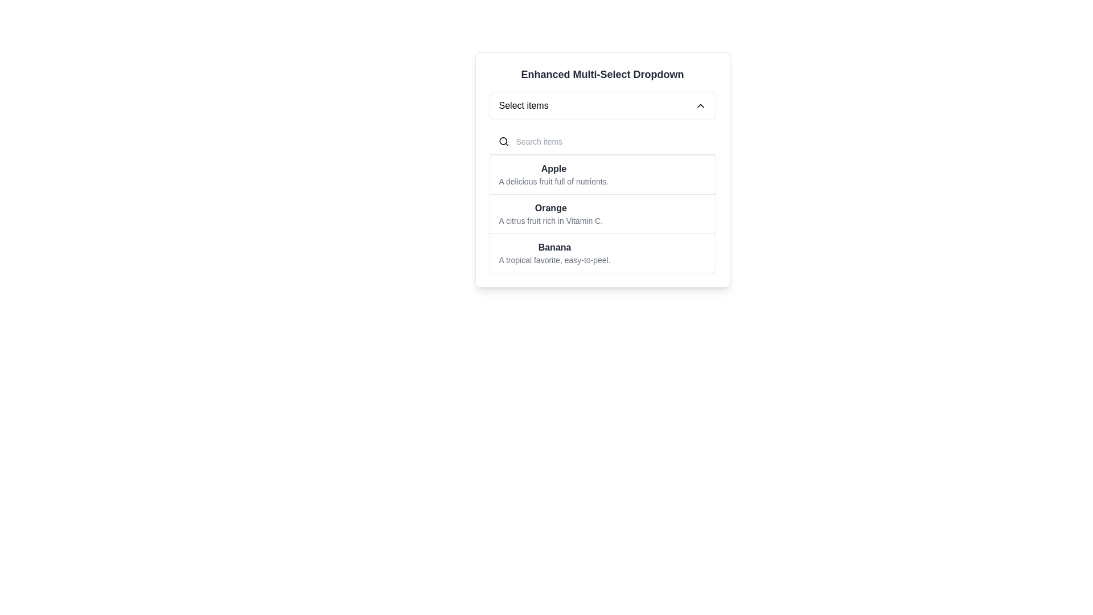 The image size is (1093, 615). Describe the element at coordinates (554, 247) in the screenshot. I see `the 'Banana' text label in the dropdown list` at that location.